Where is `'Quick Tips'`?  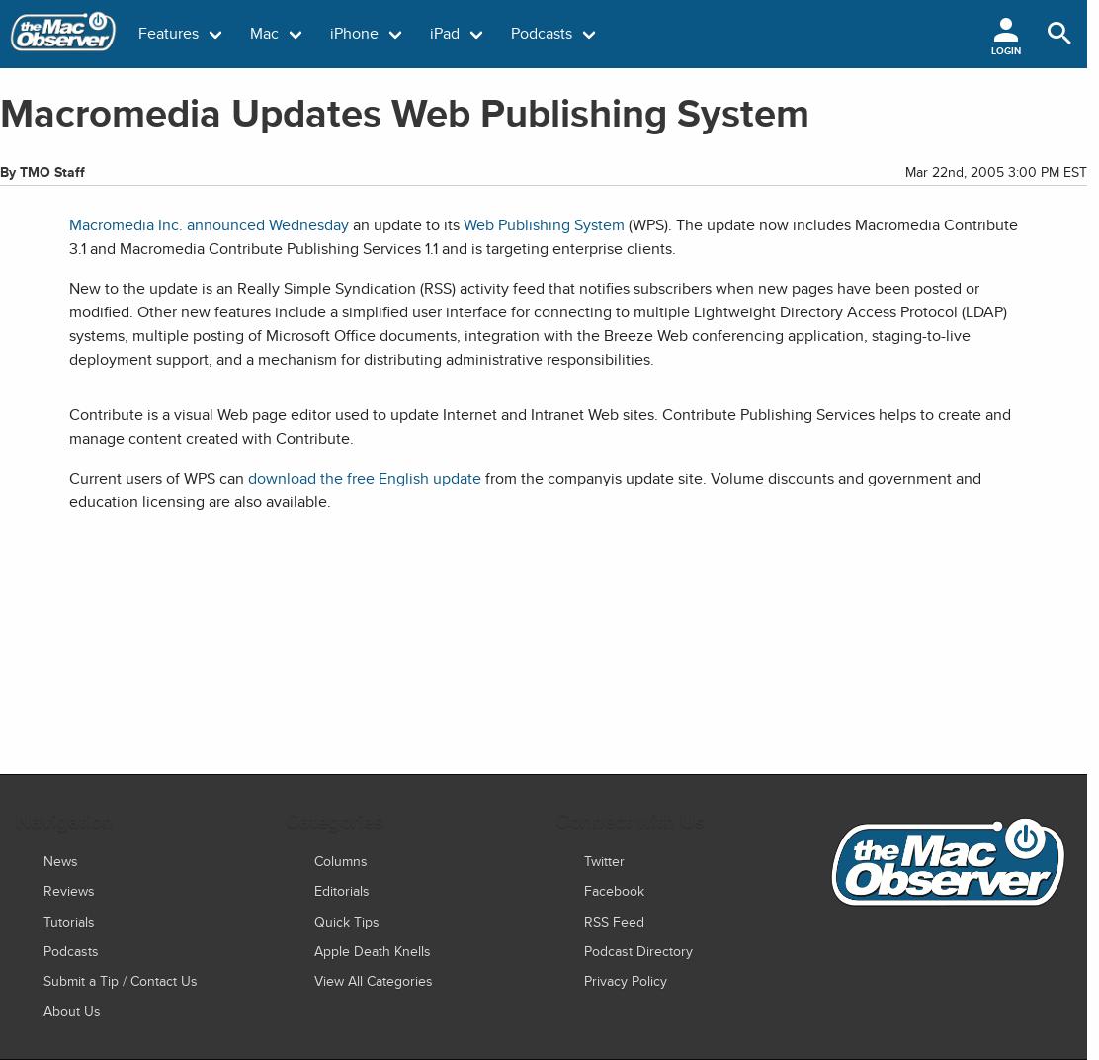
'Quick Tips' is located at coordinates (344, 920).